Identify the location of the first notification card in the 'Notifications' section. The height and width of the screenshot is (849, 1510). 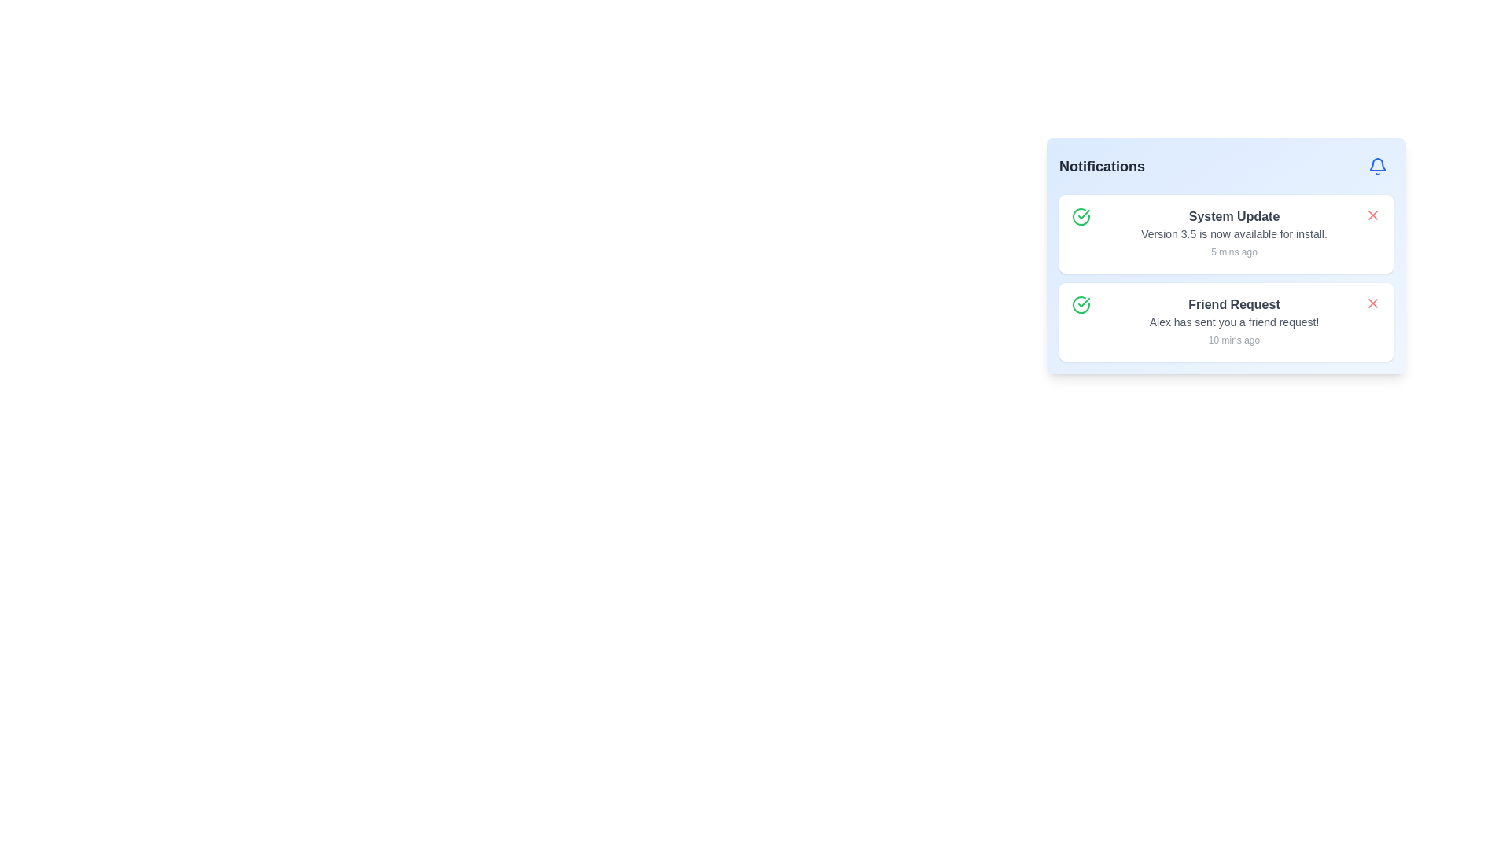
(1233, 233).